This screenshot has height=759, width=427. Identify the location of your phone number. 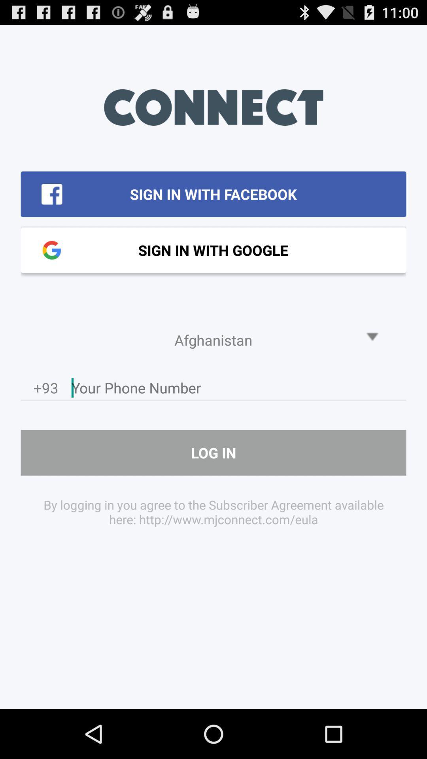
(238, 390).